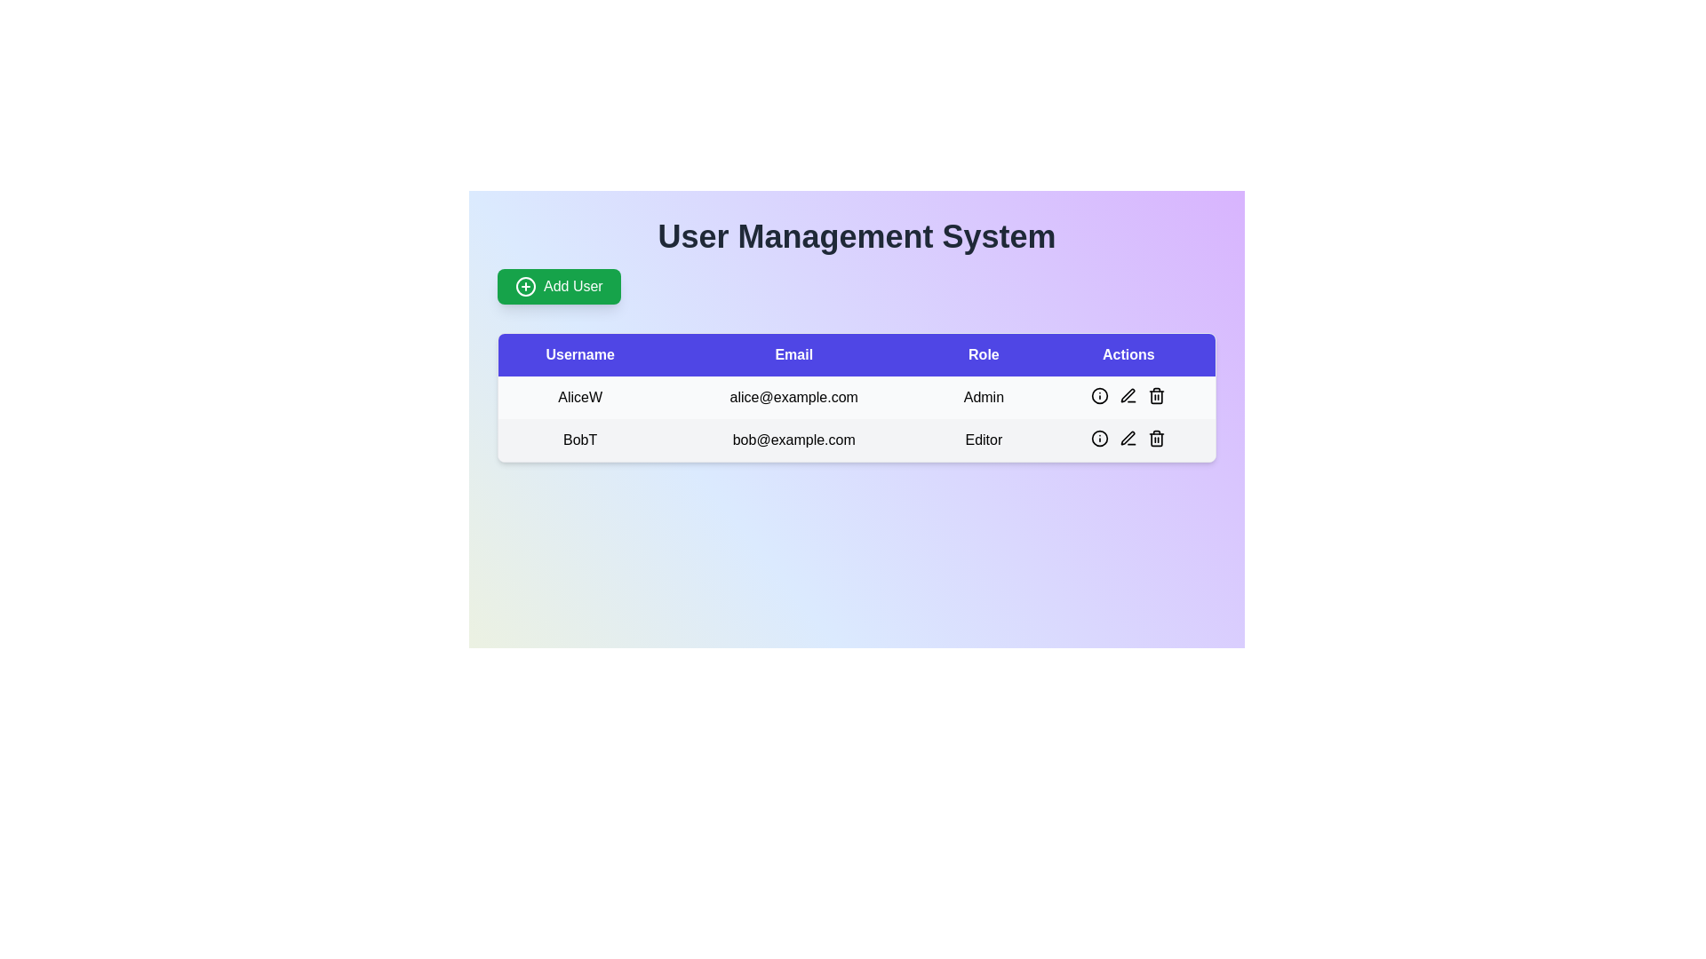 The height and width of the screenshot is (959, 1706). I want to click on the text element reading 'Admin' located in the Role column of the user 'AliceW' in the table, so click(983, 396).